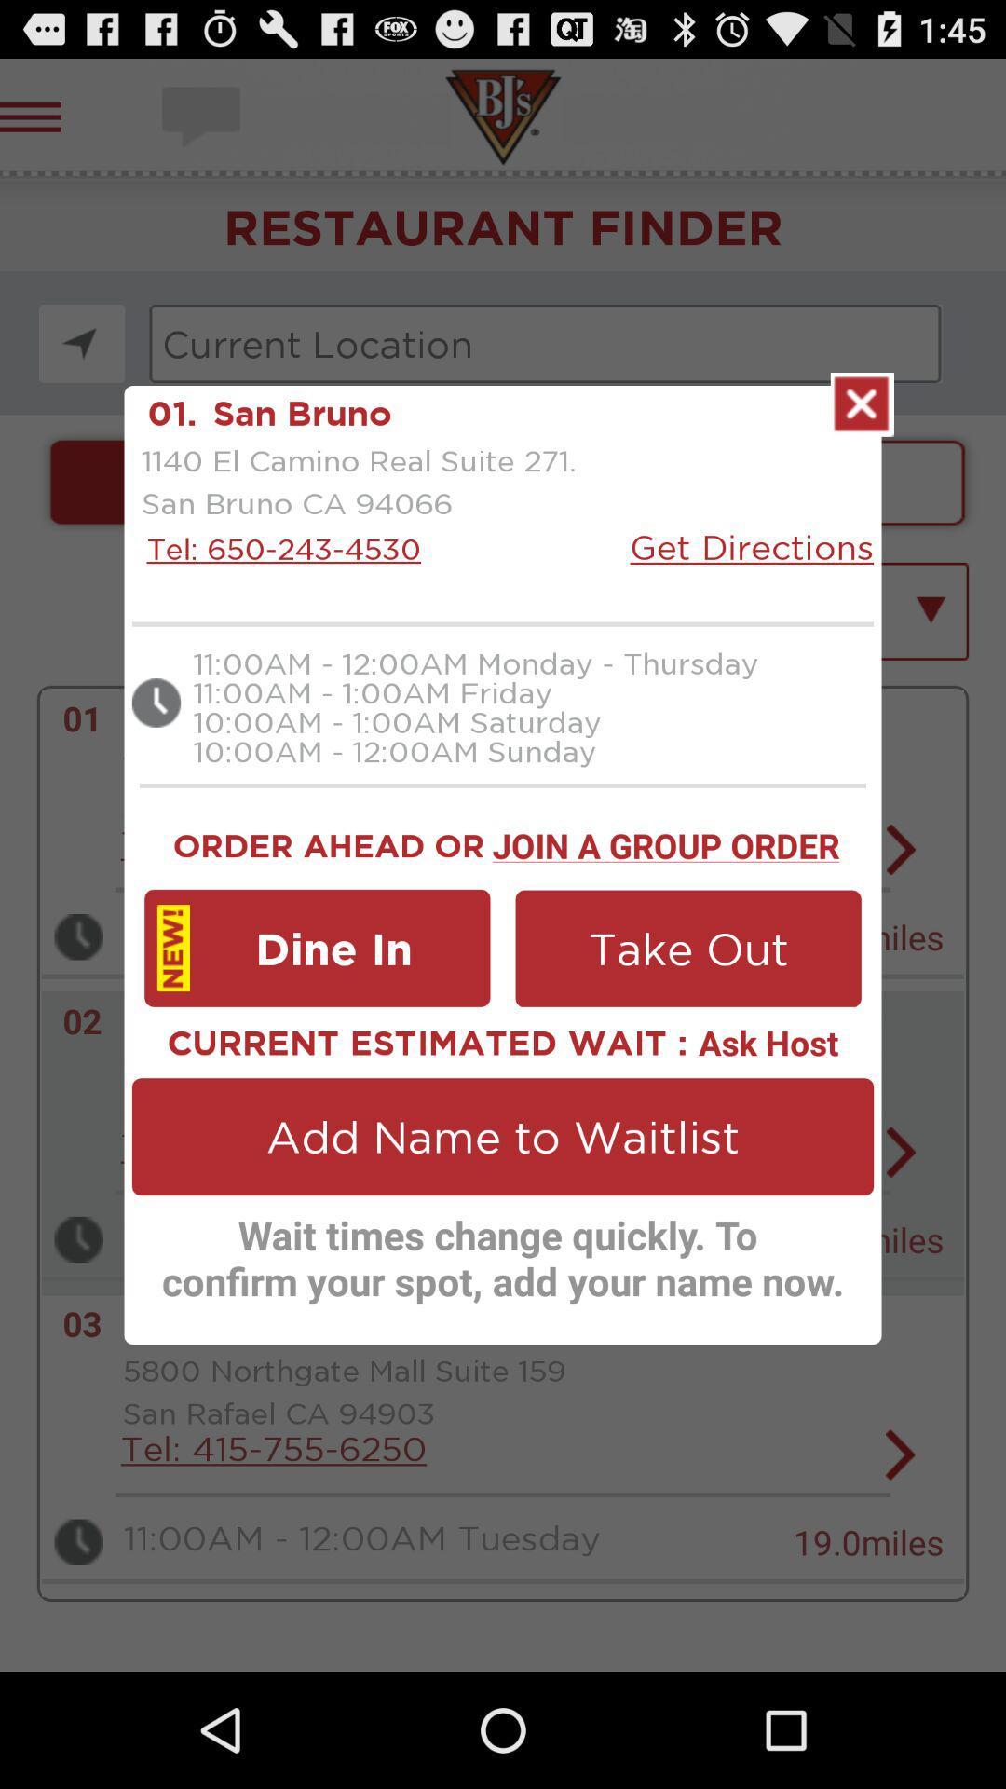 This screenshot has width=1006, height=1789. What do you see at coordinates (316, 948) in the screenshot?
I see `app below order ahead or app` at bounding box center [316, 948].